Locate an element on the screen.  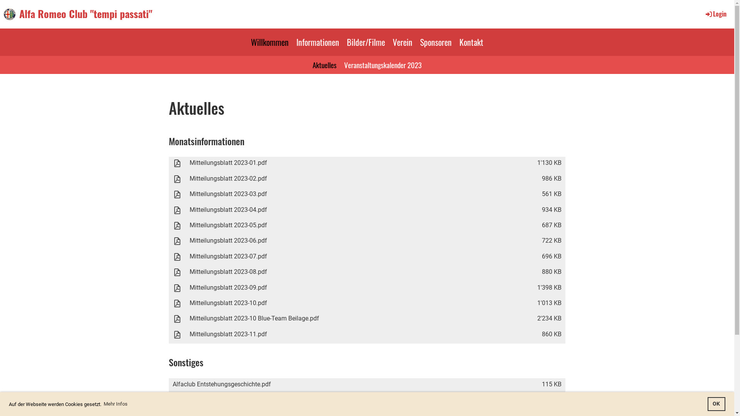
'Veranstaltungskalender 2023' is located at coordinates (383, 64).